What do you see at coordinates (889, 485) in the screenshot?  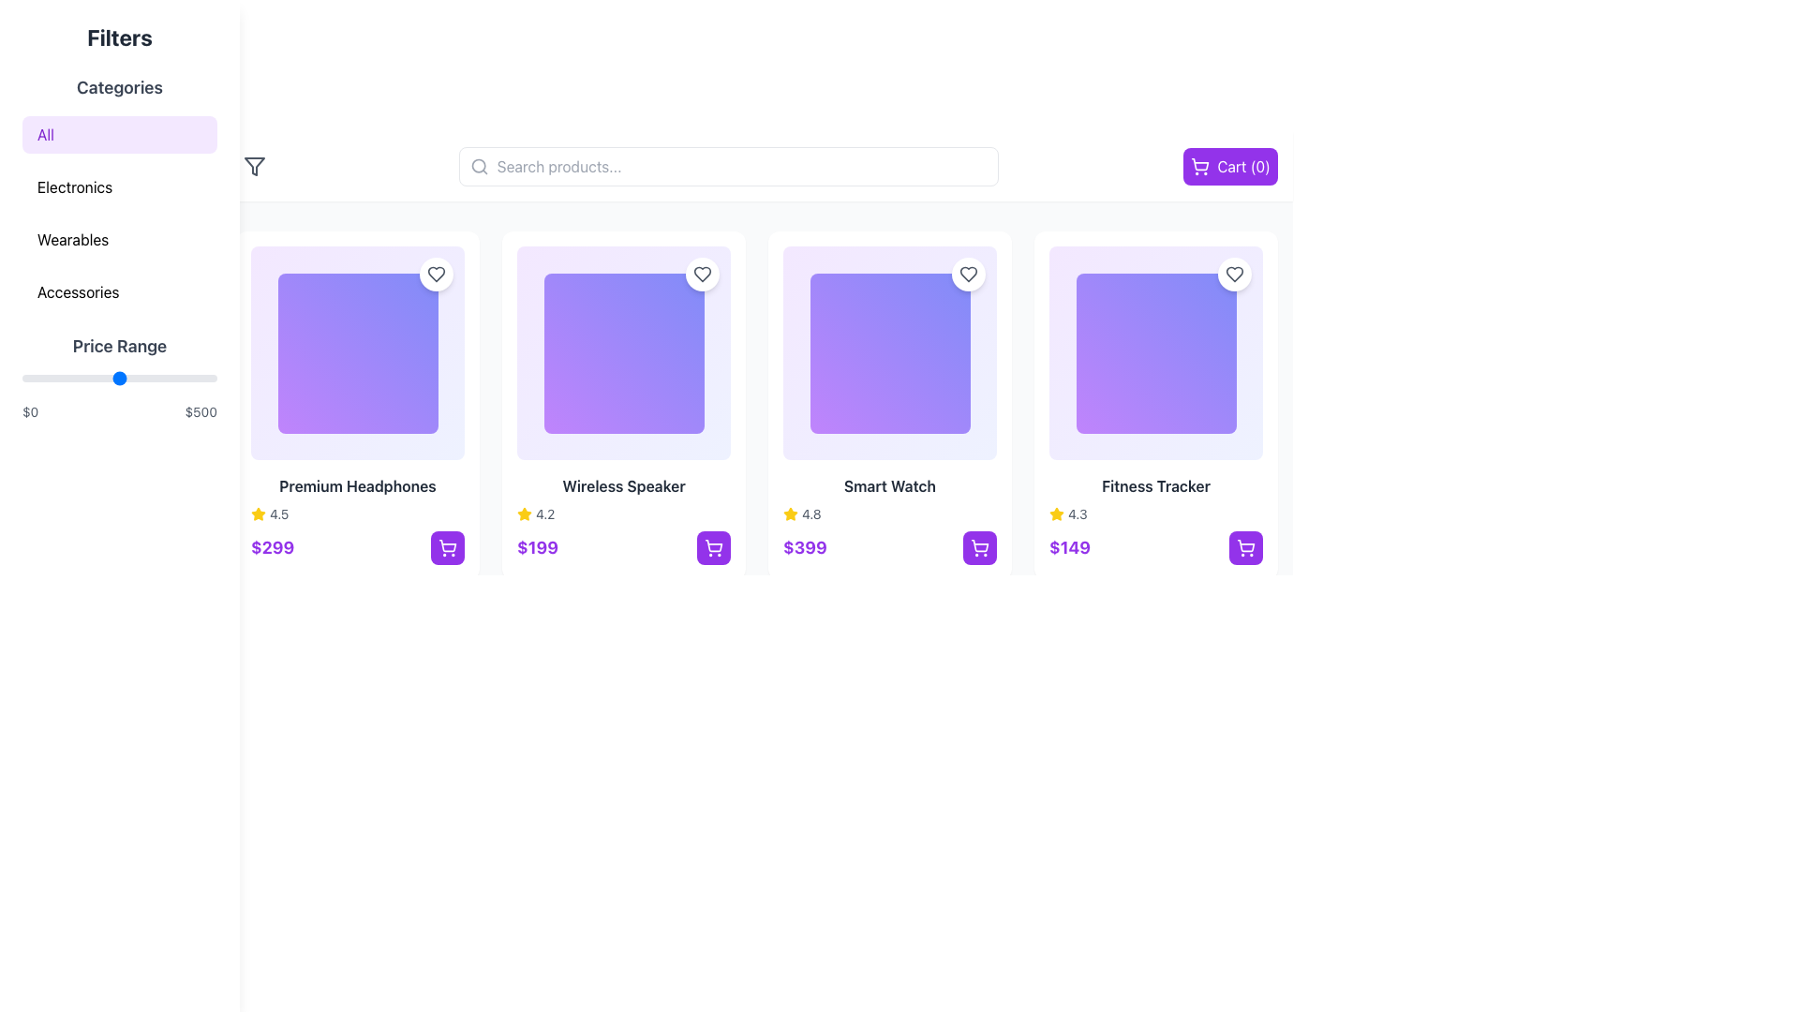 I see `the static text element titled 'Smart Watch' located on the product card, which is the third card in a horizontal row of four cards, positioned directly below the image placeholder` at bounding box center [889, 485].